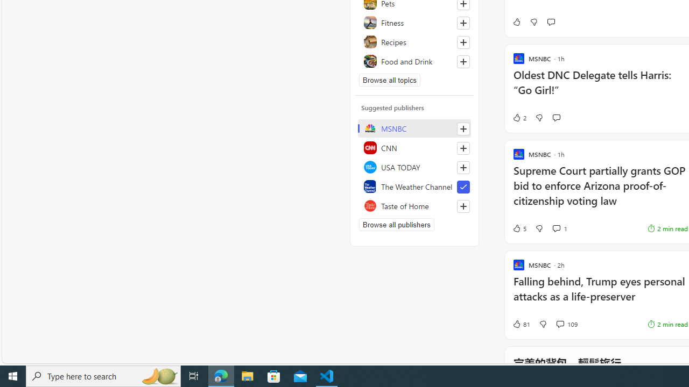 The height and width of the screenshot is (387, 689). What do you see at coordinates (389, 80) in the screenshot?
I see `'Browse all topics'` at bounding box center [389, 80].